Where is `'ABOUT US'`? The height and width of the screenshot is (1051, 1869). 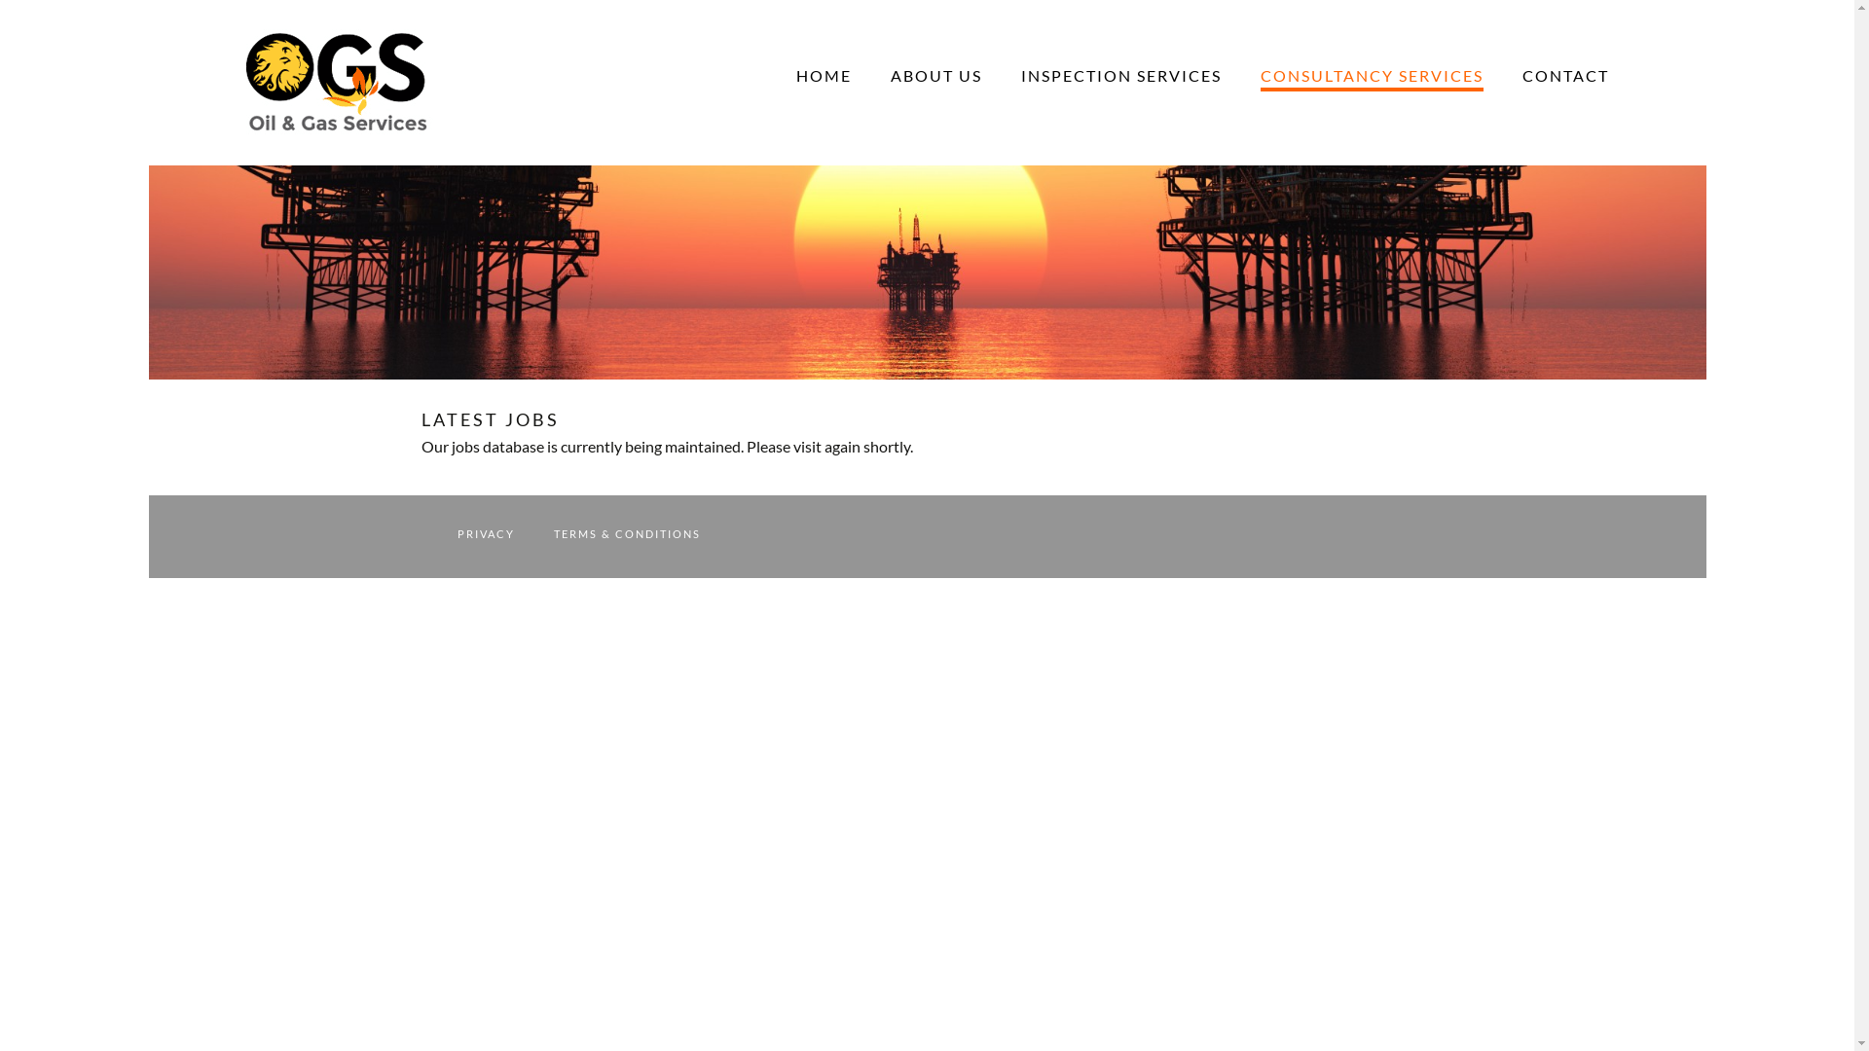
'ABOUT US' is located at coordinates (934, 74).